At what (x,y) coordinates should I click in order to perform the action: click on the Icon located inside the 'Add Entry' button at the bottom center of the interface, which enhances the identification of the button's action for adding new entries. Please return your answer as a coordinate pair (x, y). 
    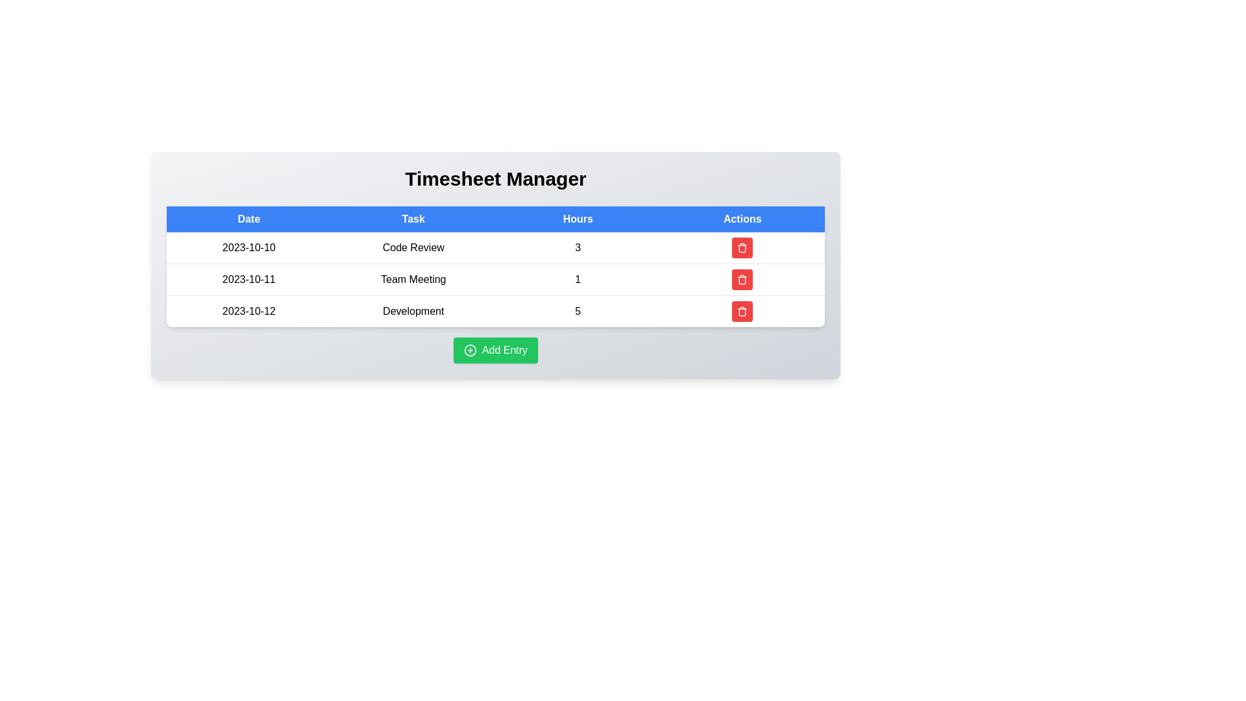
    Looking at the image, I should click on (469, 350).